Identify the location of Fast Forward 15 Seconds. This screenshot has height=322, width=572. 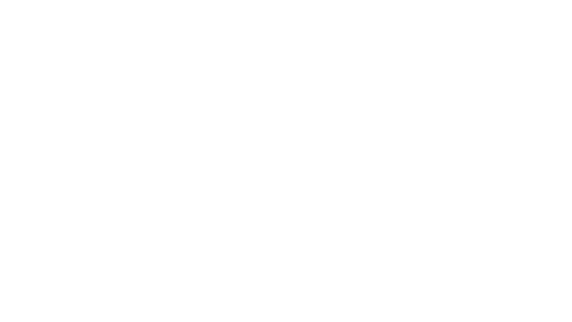
(450, 8).